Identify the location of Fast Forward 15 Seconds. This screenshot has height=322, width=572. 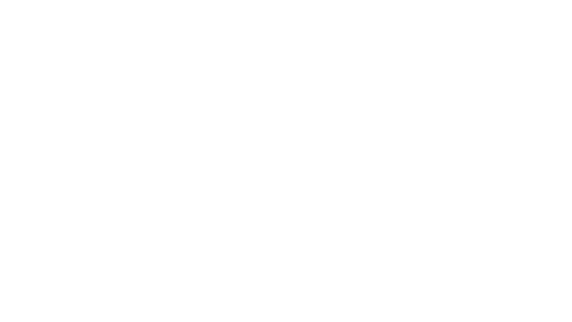
(450, 8).